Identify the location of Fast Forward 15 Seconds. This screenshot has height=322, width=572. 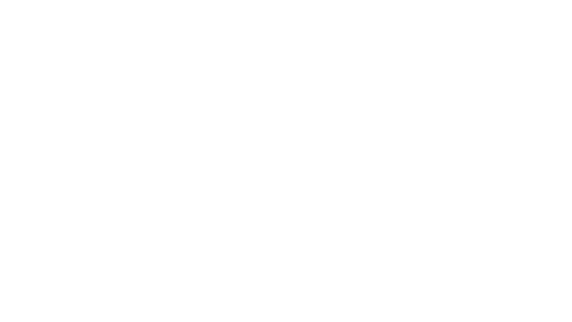
(450, 8).